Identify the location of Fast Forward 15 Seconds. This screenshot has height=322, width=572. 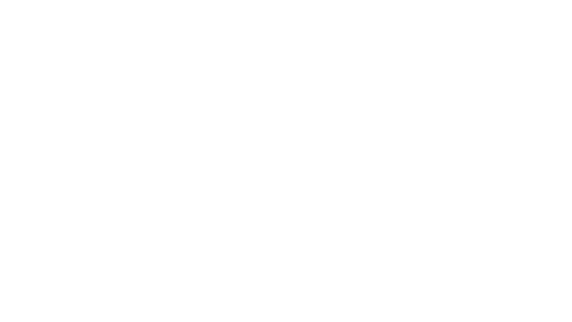
(450, 8).